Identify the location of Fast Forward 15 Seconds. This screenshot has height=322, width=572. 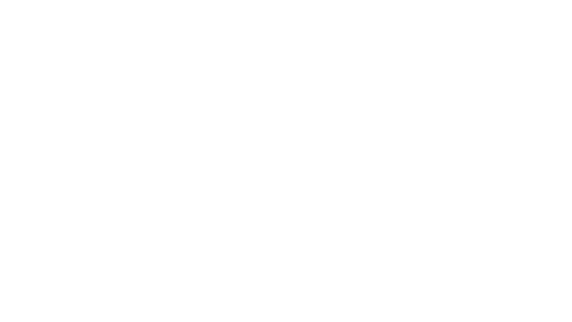
(450, 8).